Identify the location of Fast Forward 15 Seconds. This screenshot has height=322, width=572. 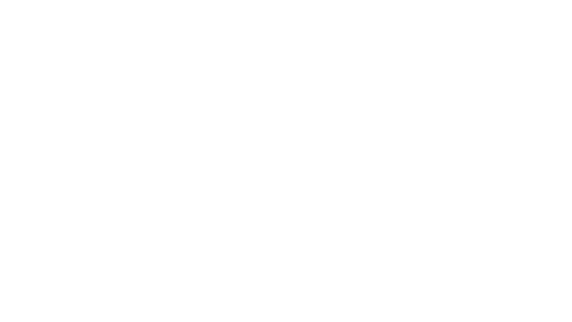
(450, 8).